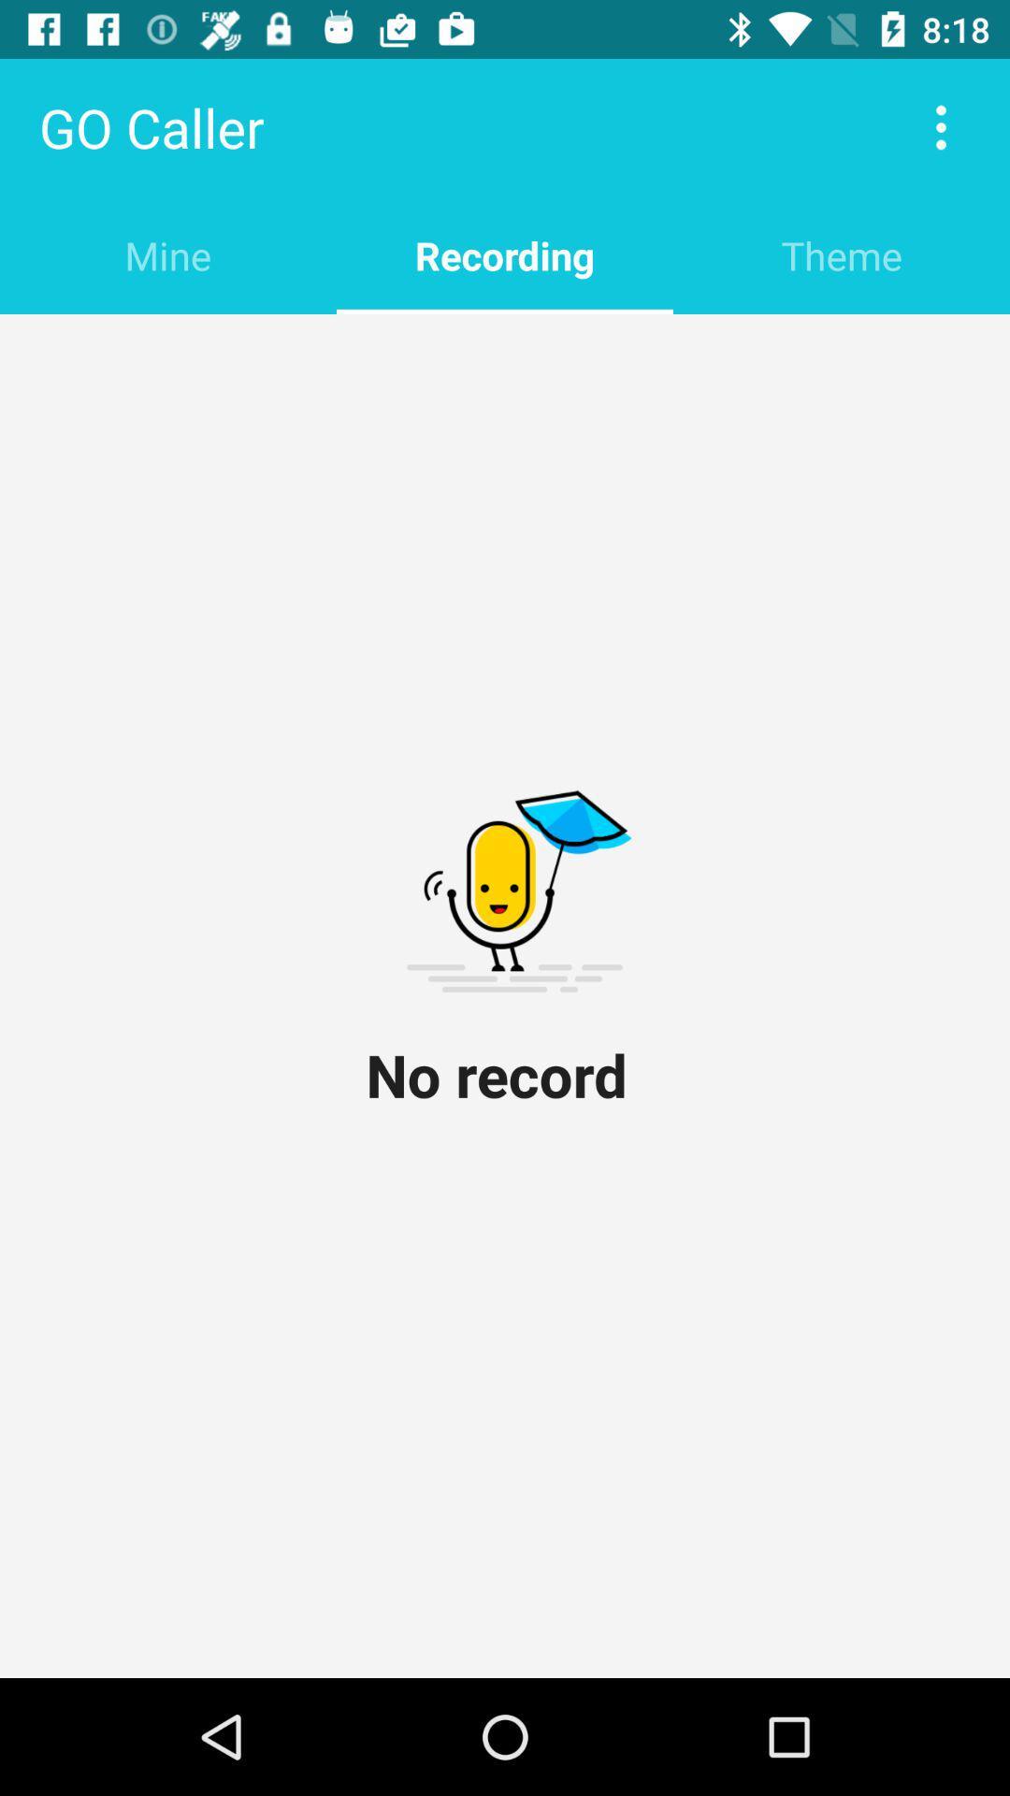  I want to click on the theme, so click(840, 254).